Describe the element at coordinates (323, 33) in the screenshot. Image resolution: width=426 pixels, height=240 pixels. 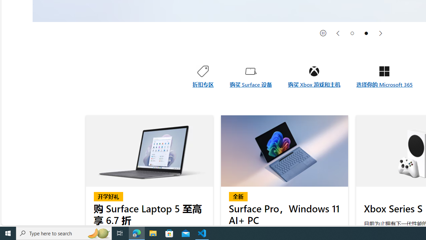
I see `'Pause'` at that location.